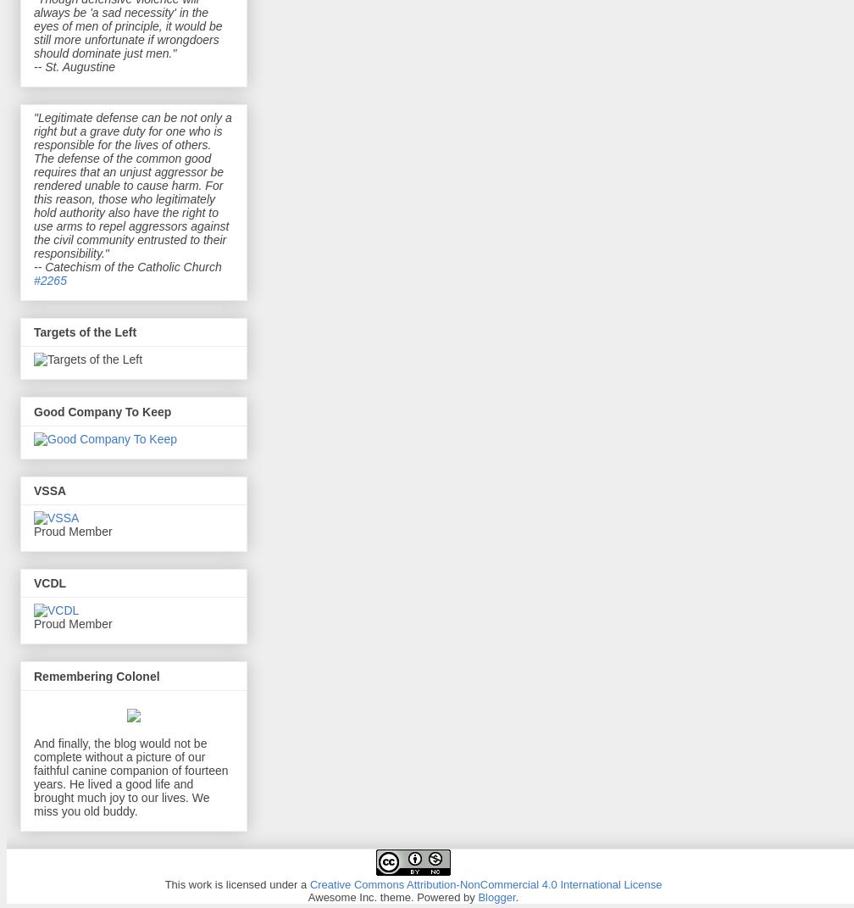 The image size is (854, 908). Describe the element at coordinates (236, 883) in the screenshot. I see `'This work is licensed under a'` at that location.